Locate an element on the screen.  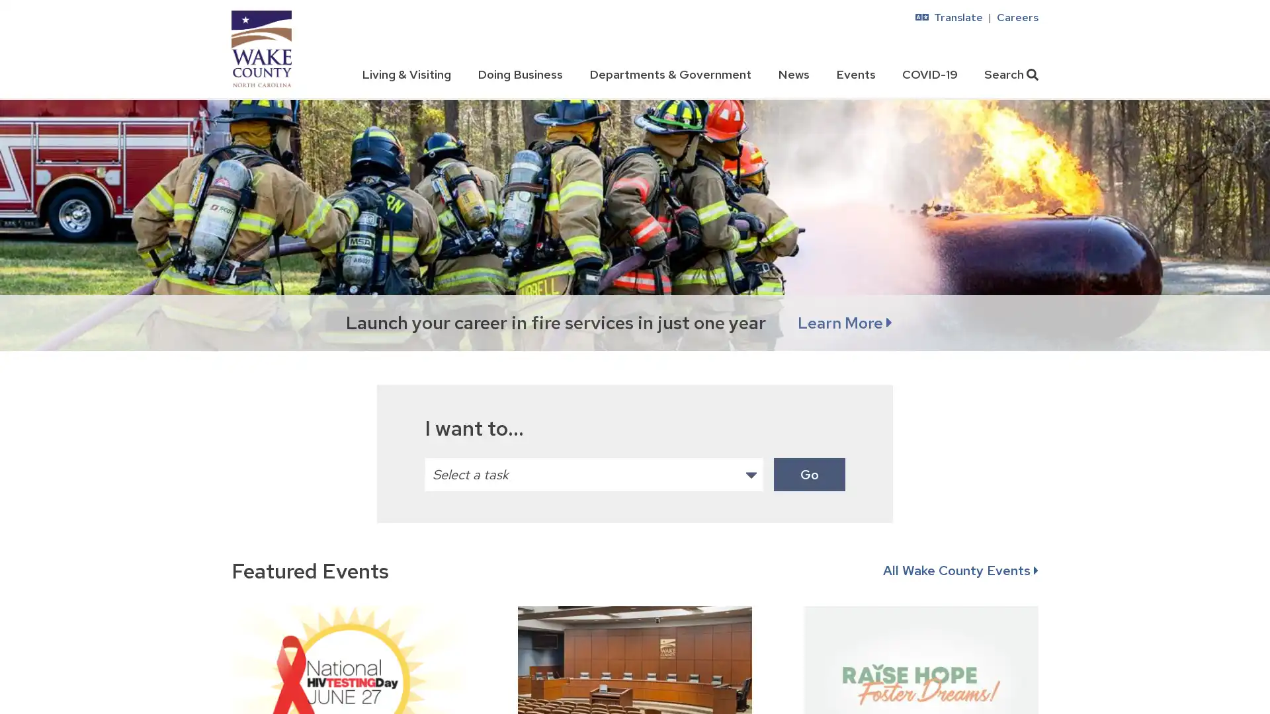
Search is located at coordinates (1011, 73).